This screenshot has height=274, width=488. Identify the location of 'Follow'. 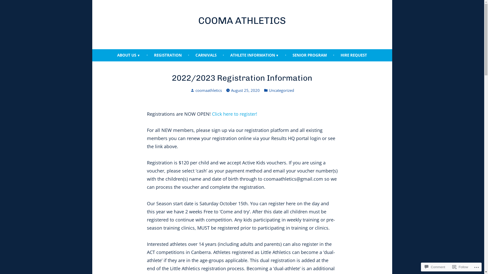
(460, 267).